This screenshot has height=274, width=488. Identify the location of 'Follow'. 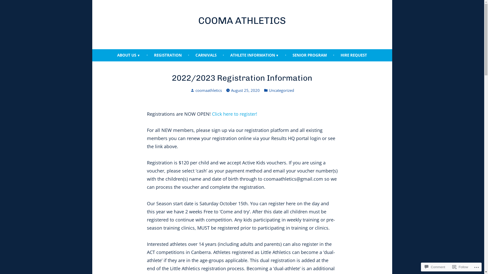
(460, 267).